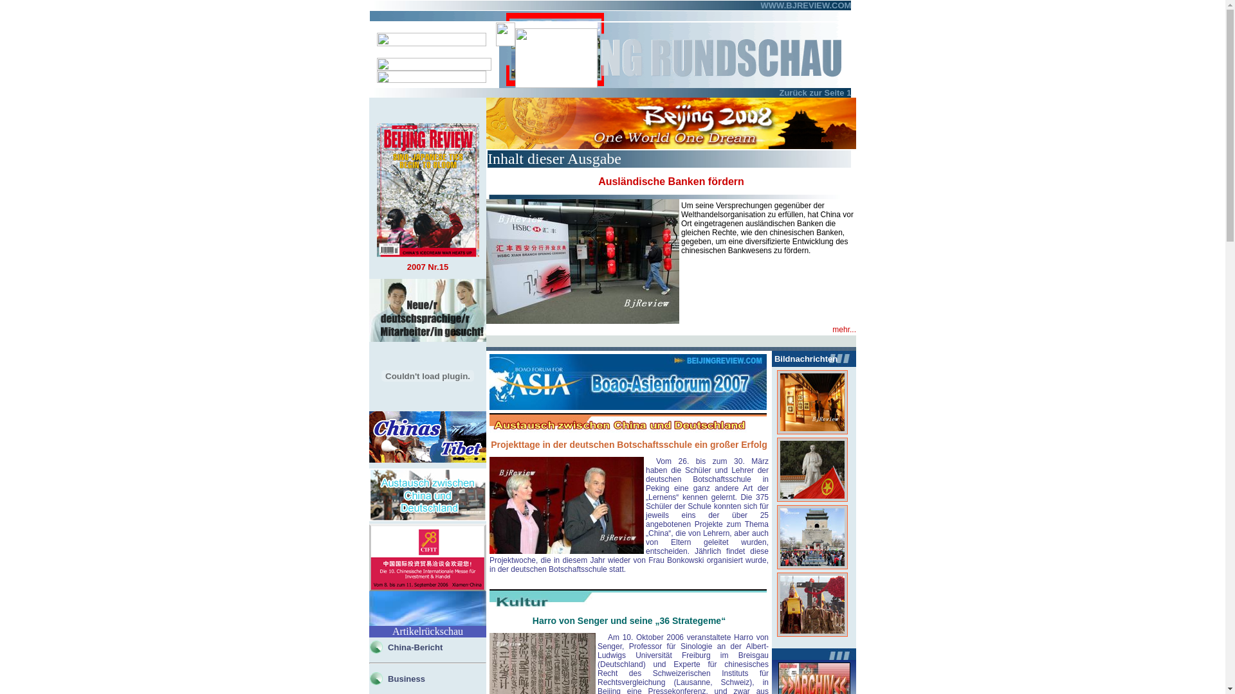  Describe the element at coordinates (844, 329) in the screenshot. I see `'mehr...'` at that location.